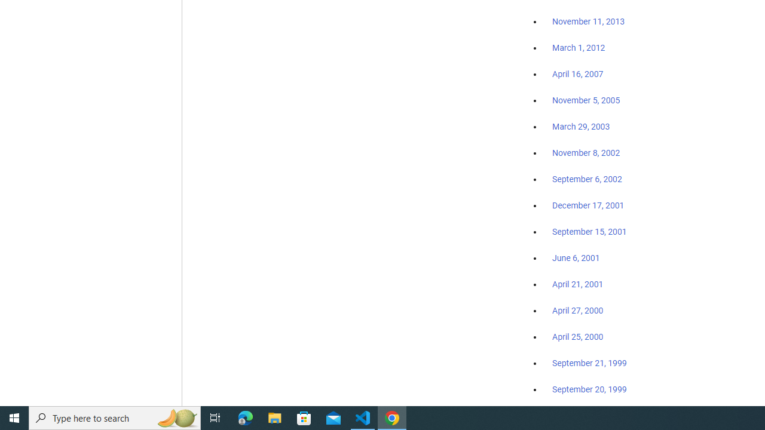  What do you see at coordinates (589, 363) in the screenshot?
I see `'September 21, 1999'` at bounding box center [589, 363].